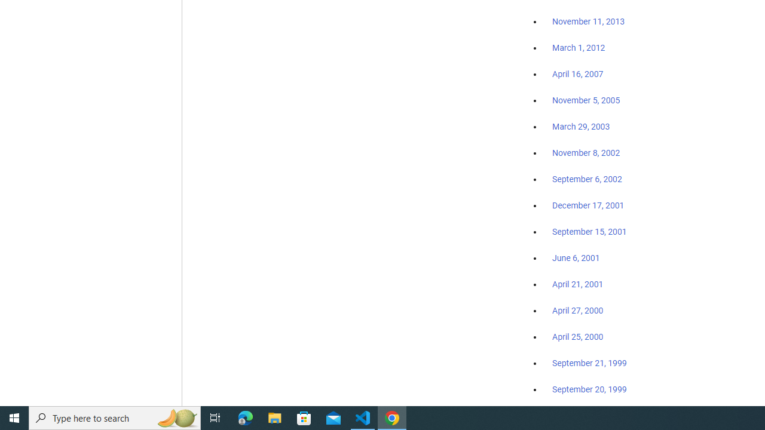  What do you see at coordinates (589, 363) in the screenshot?
I see `'September 21, 1999'` at bounding box center [589, 363].